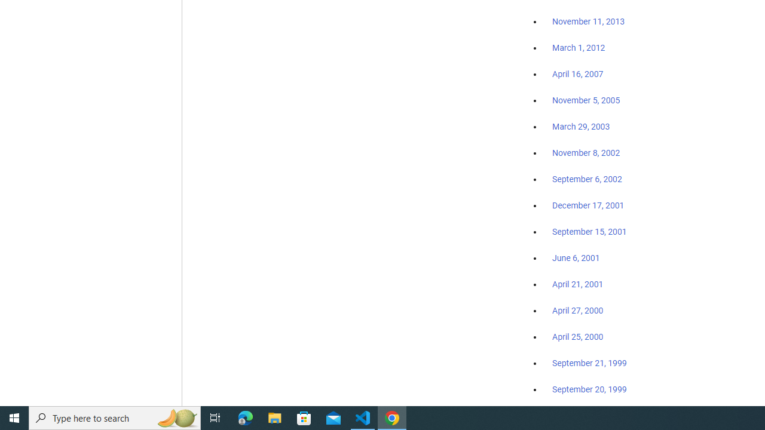  What do you see at coordinates (589, 363) in the screenshot?
I see `'September 21, 1999'` at bounding box center [589, 363].